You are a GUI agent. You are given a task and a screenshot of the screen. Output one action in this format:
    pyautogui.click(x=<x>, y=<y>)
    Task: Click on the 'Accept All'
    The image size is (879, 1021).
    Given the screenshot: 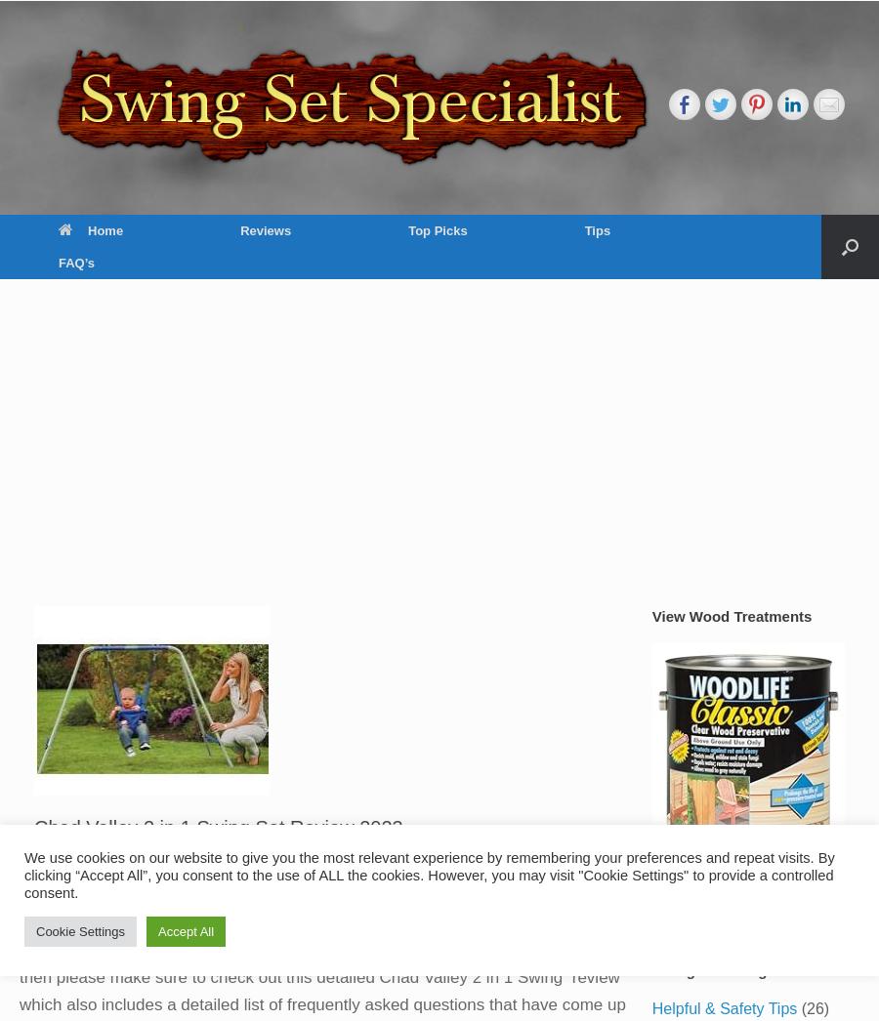 What is the action you would take?
    pyautogui.click(x=186, y=930)
    